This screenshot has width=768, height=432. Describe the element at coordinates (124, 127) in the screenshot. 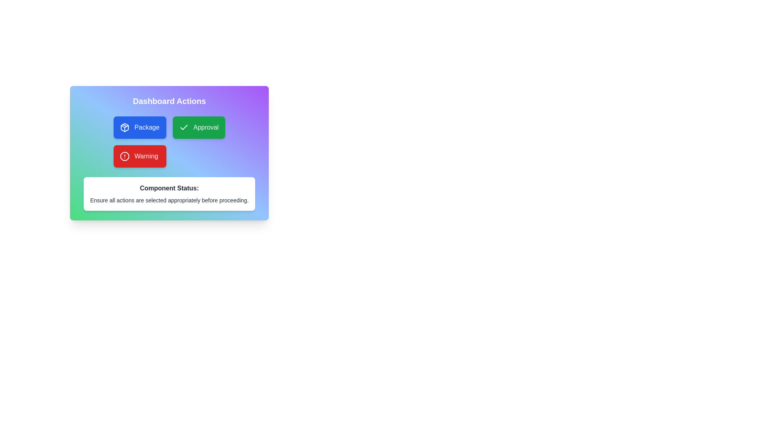

I see `the SVG icon for the 'Package' button located within the blue button labeled 'Package'` at that location.